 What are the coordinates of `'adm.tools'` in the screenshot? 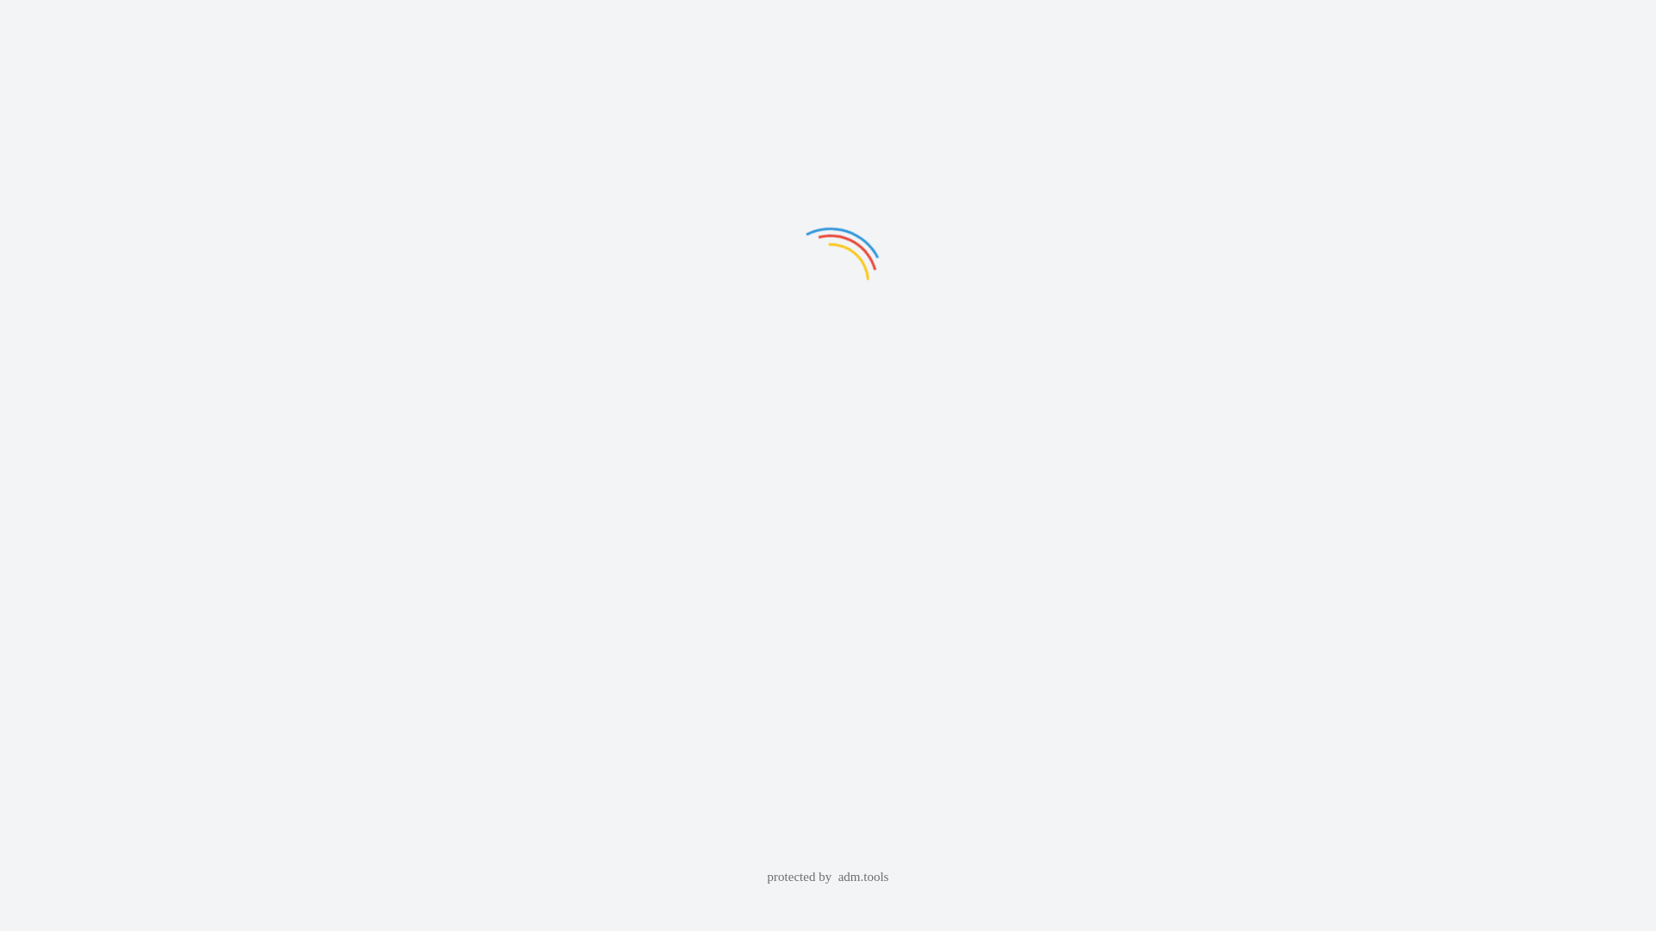 It's located at (837, 877).